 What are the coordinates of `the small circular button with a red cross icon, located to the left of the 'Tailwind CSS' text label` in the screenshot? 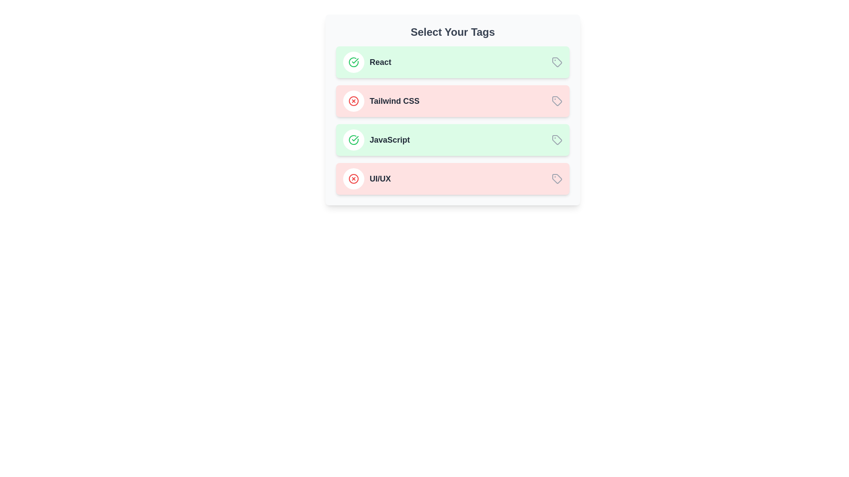 It's located at (354, 100).